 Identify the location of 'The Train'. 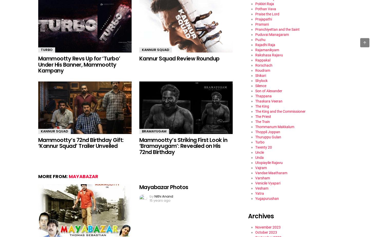
(262, 121).